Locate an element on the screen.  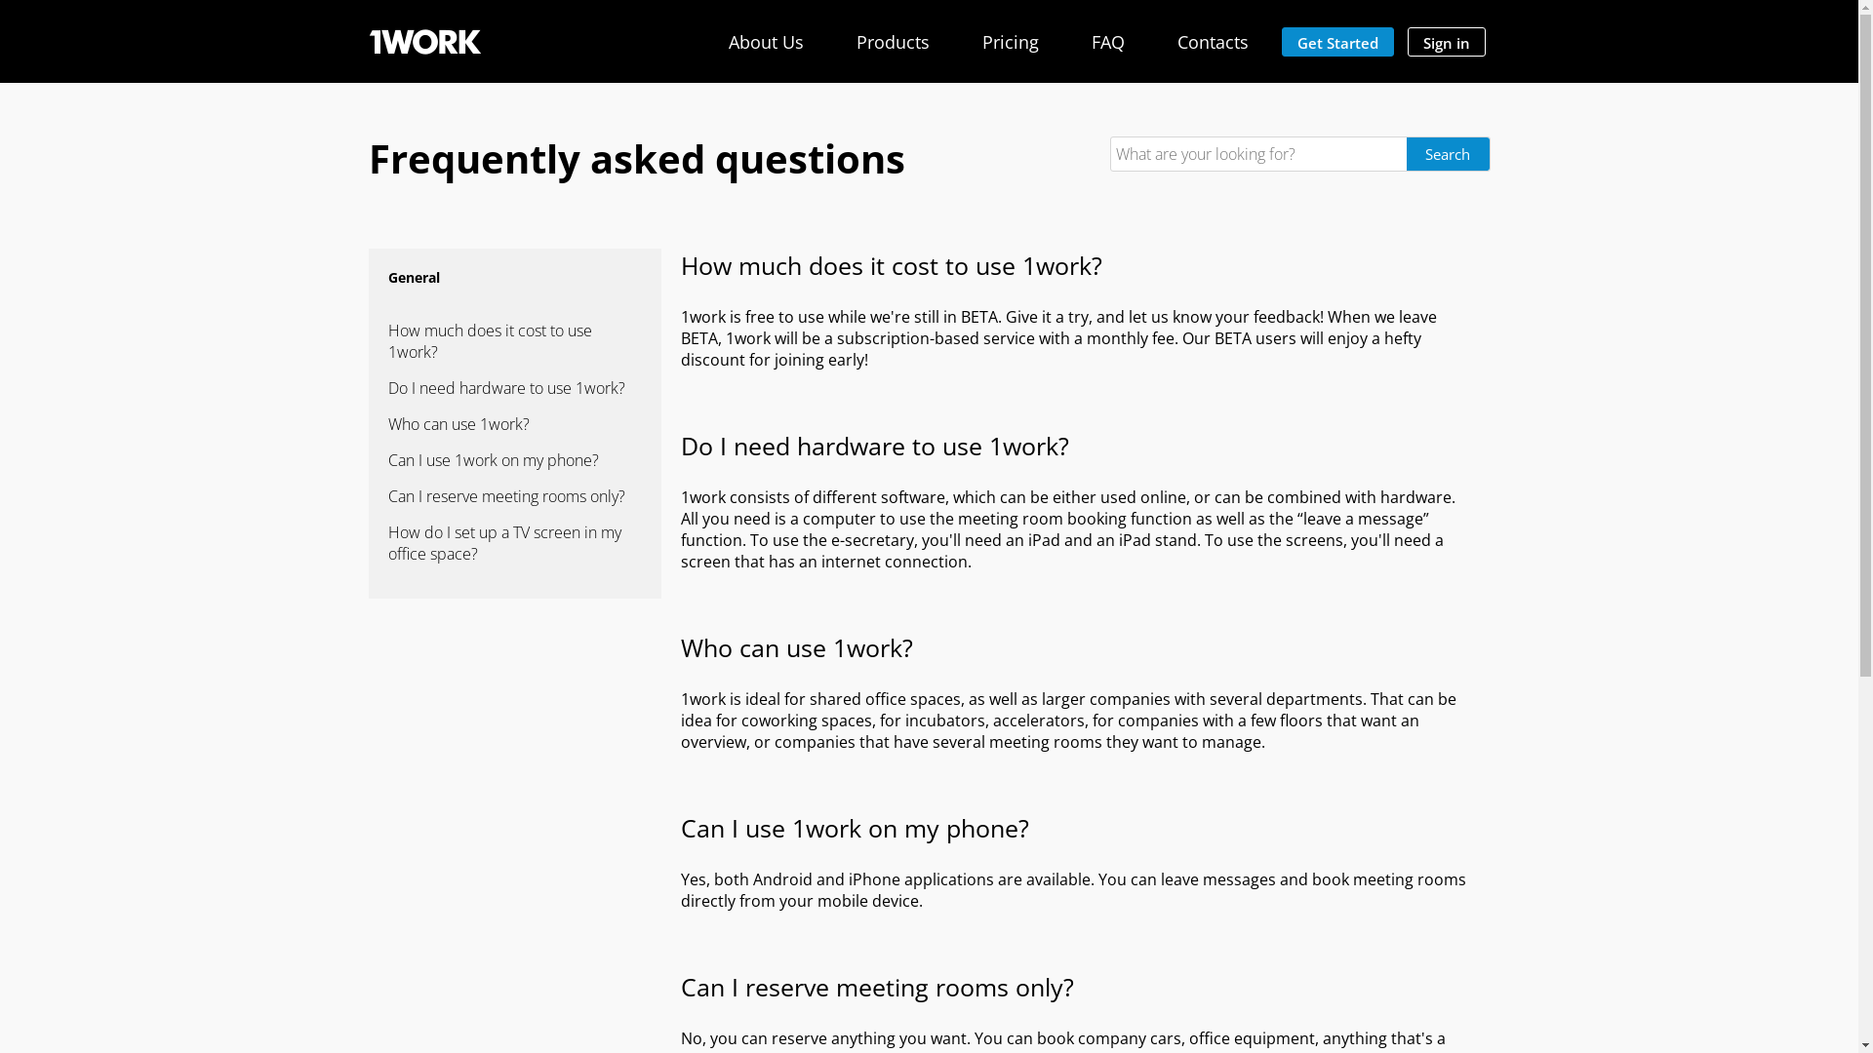
'About Us' is located at coordinates (764, 41).